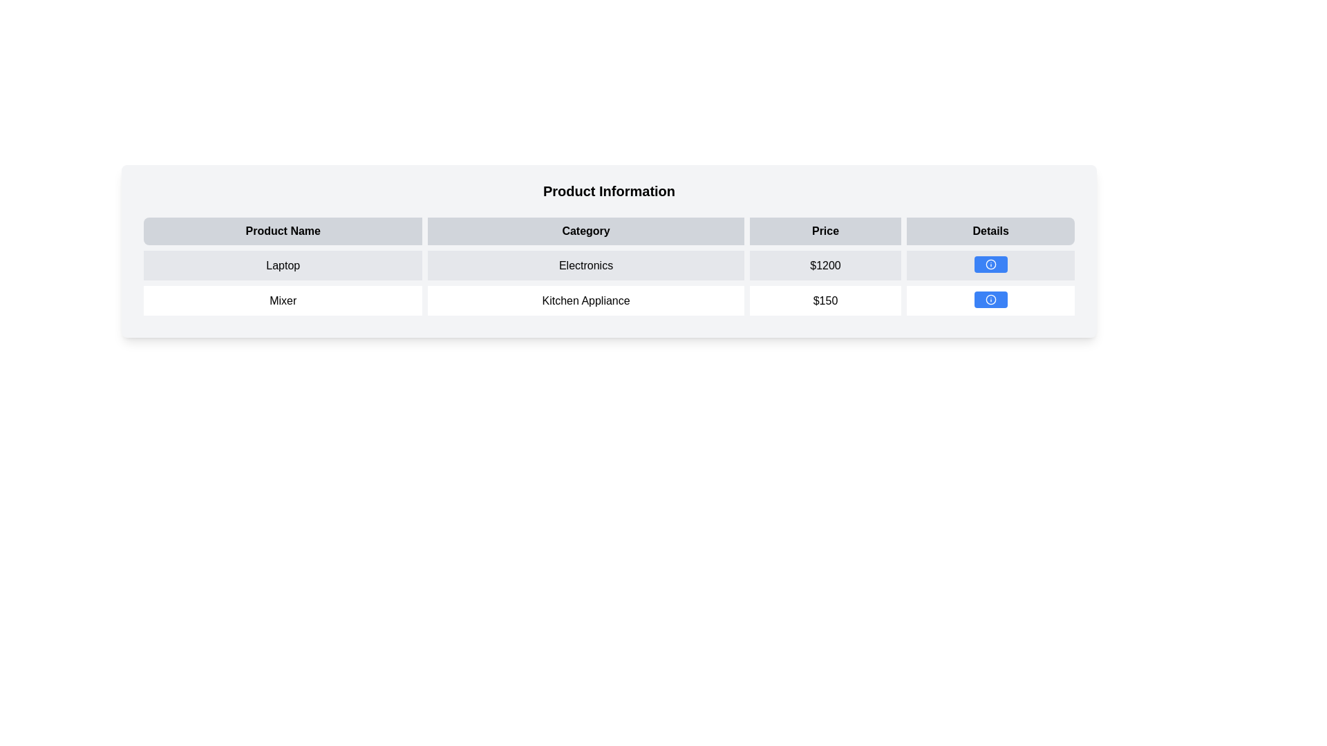 This screenshot has width=1327, height=746. Describe the element at coordinates (586, 231) in the screenshot. I see `the 'Category' header label, which is the second item in a row of four headers within a table header, displaying in bold black text on a gray background` at that location.